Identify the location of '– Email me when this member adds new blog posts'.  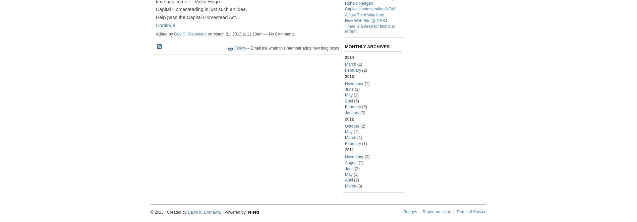
(292, 48).